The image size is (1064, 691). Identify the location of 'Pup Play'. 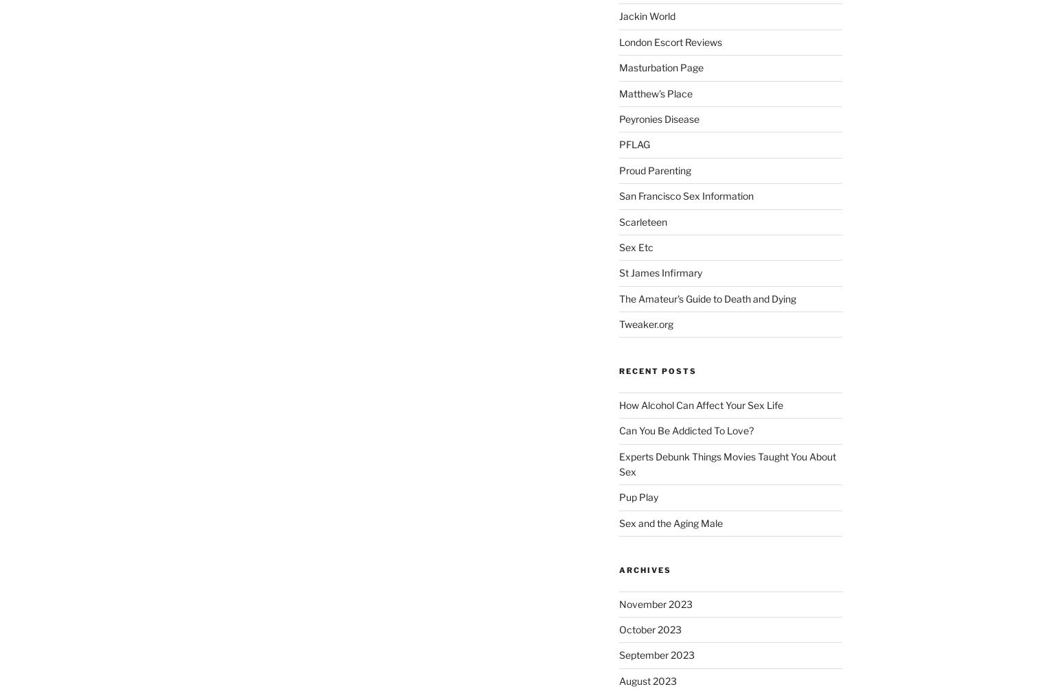
(638, 496).